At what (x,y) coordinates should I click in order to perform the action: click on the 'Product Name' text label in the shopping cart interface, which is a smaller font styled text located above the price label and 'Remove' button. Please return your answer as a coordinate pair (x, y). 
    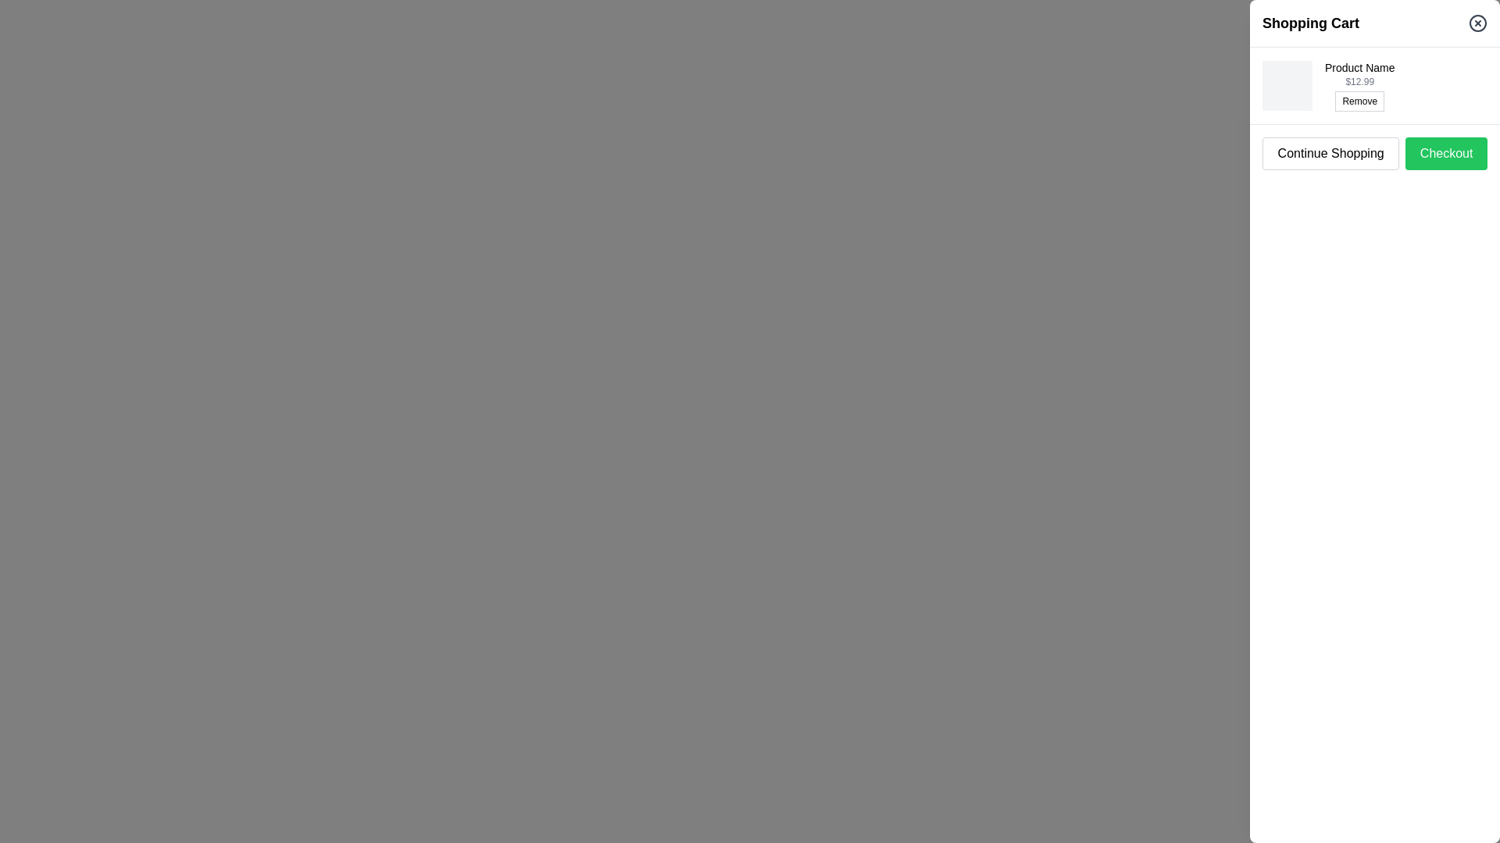
    Looking at the image, I should click on (1359, 67).